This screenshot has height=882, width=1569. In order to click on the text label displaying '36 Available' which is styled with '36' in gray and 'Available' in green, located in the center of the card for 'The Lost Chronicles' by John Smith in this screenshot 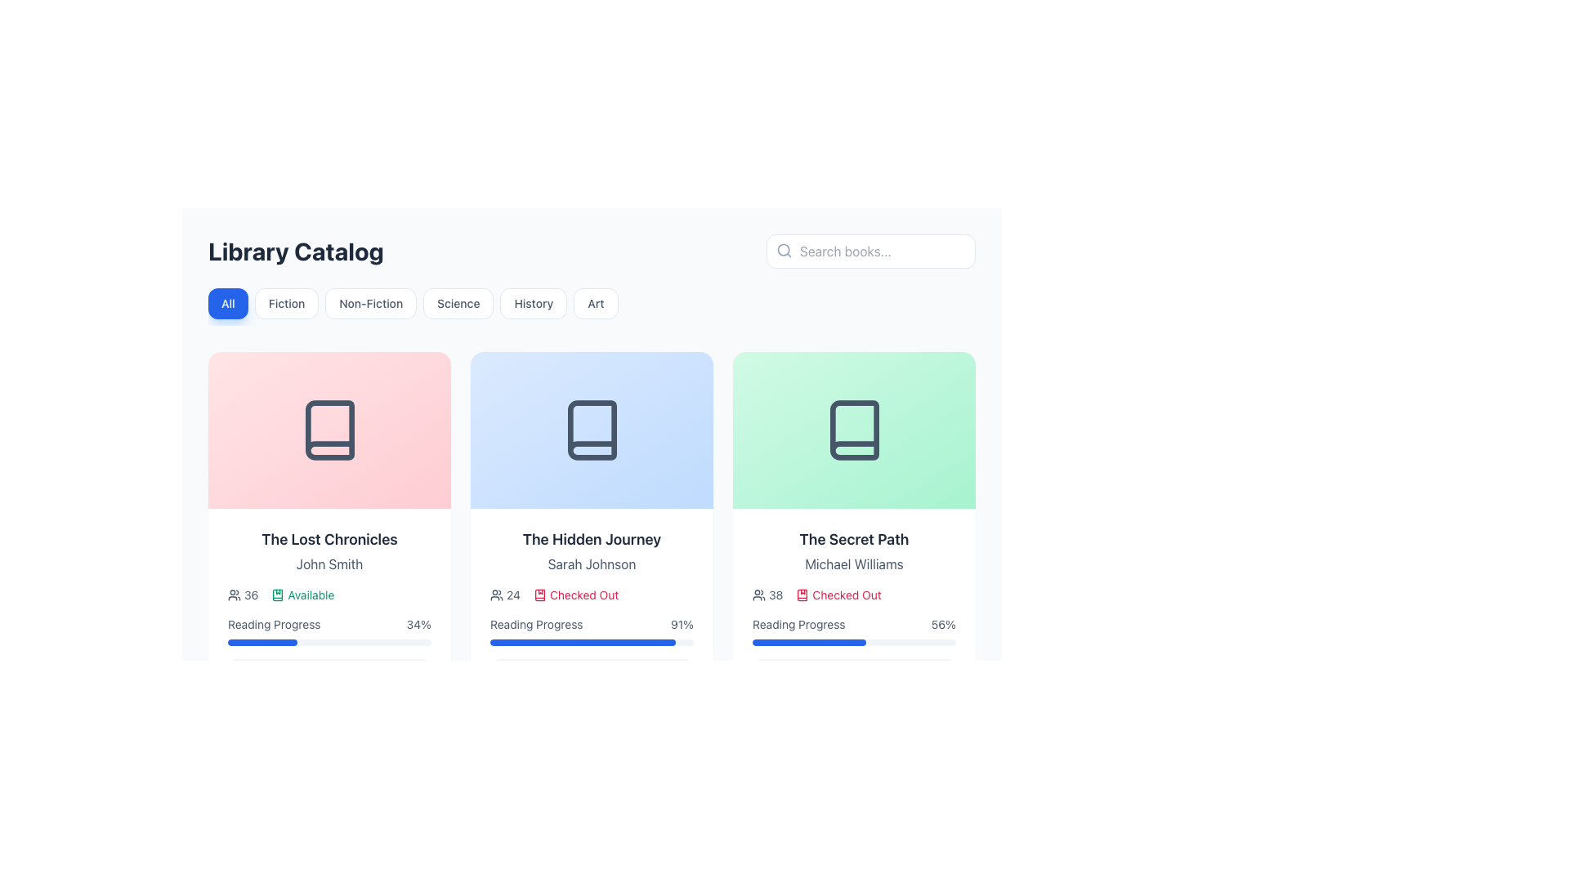, I will do `click(329, 595)`.